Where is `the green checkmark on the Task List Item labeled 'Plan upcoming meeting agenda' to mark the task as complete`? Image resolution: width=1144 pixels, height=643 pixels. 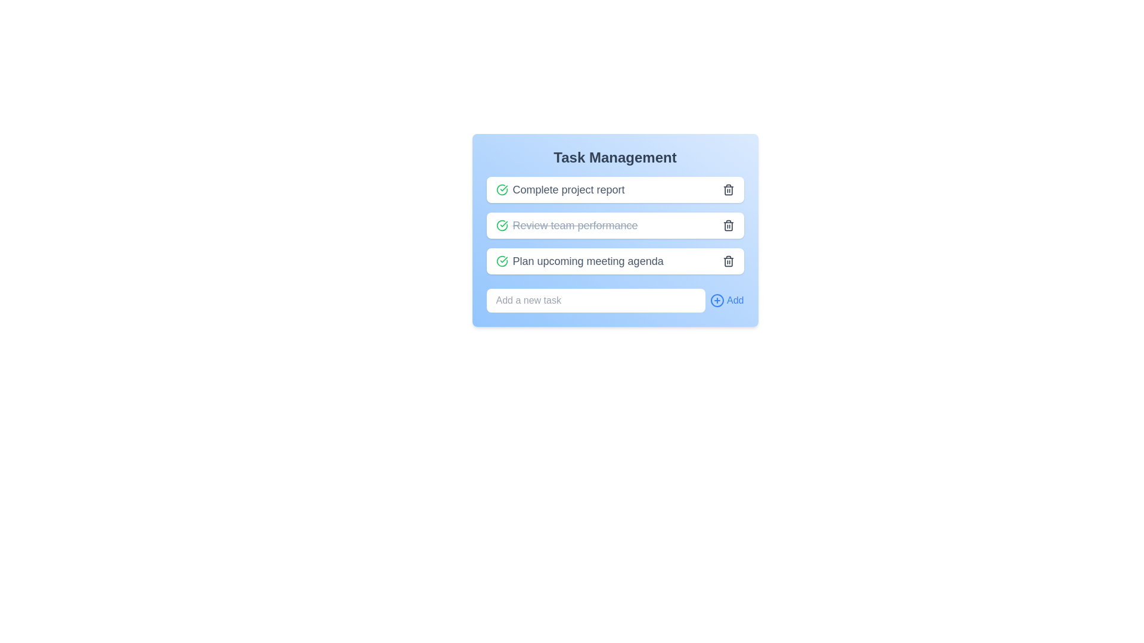
the green checkmark on the Task List Item labeled 'Plan upcoming meeting agenda' to mark the task as complete is located at coordinates (615, 261).